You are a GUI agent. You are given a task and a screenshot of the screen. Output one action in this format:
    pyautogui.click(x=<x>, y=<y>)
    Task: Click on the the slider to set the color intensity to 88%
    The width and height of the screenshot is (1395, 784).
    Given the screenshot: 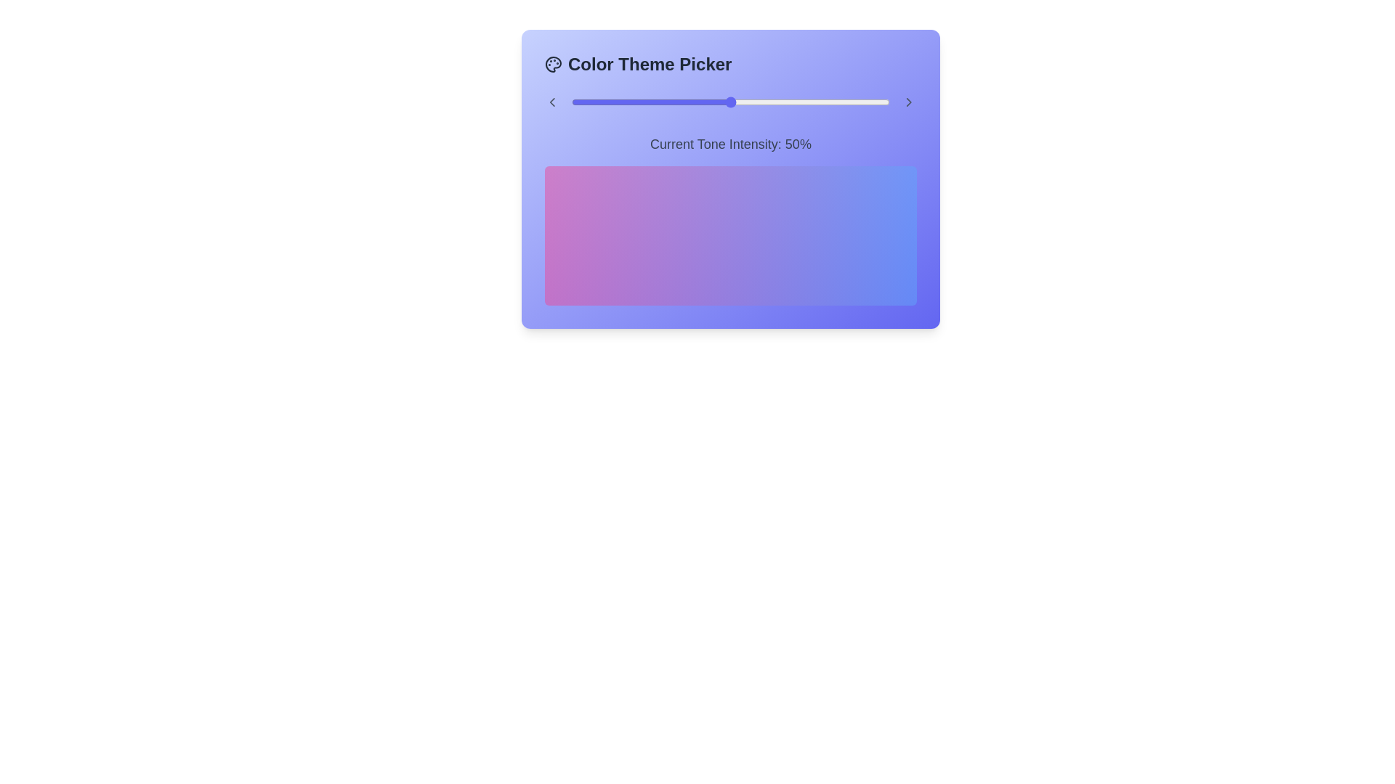 What is the action you would take?
    pyautogui.click(x=852, y=102)
    